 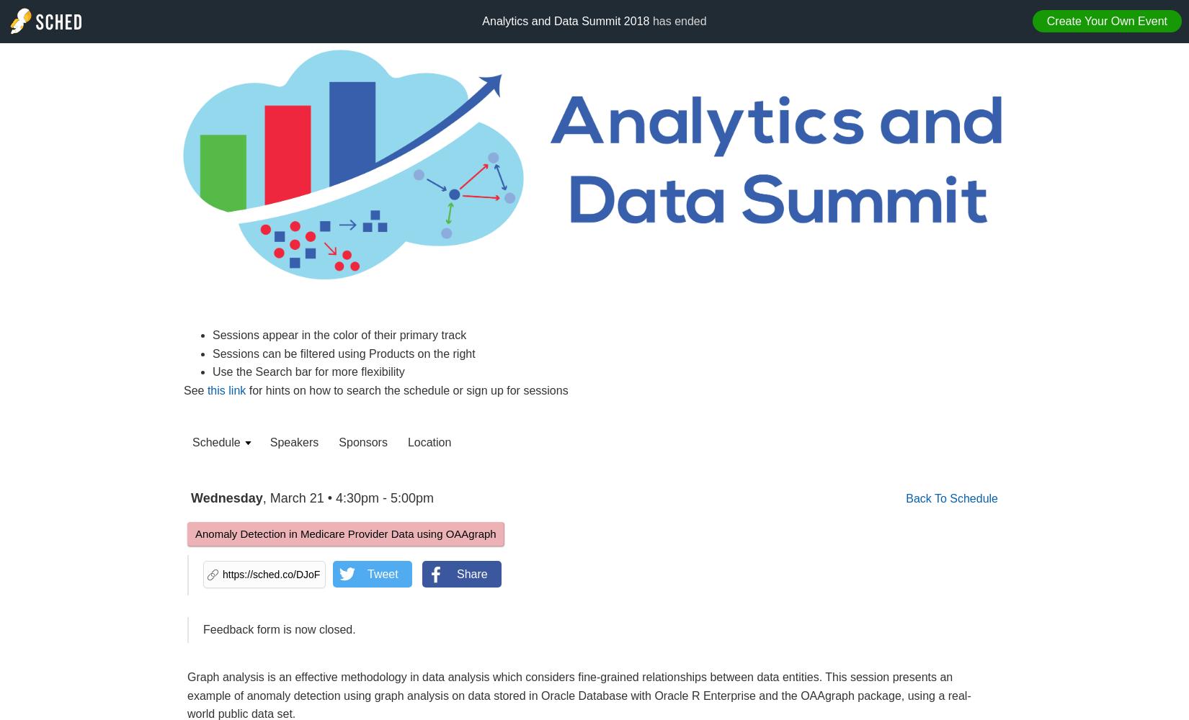 I want to click on 'Speakers', so click(x=294, y=441).